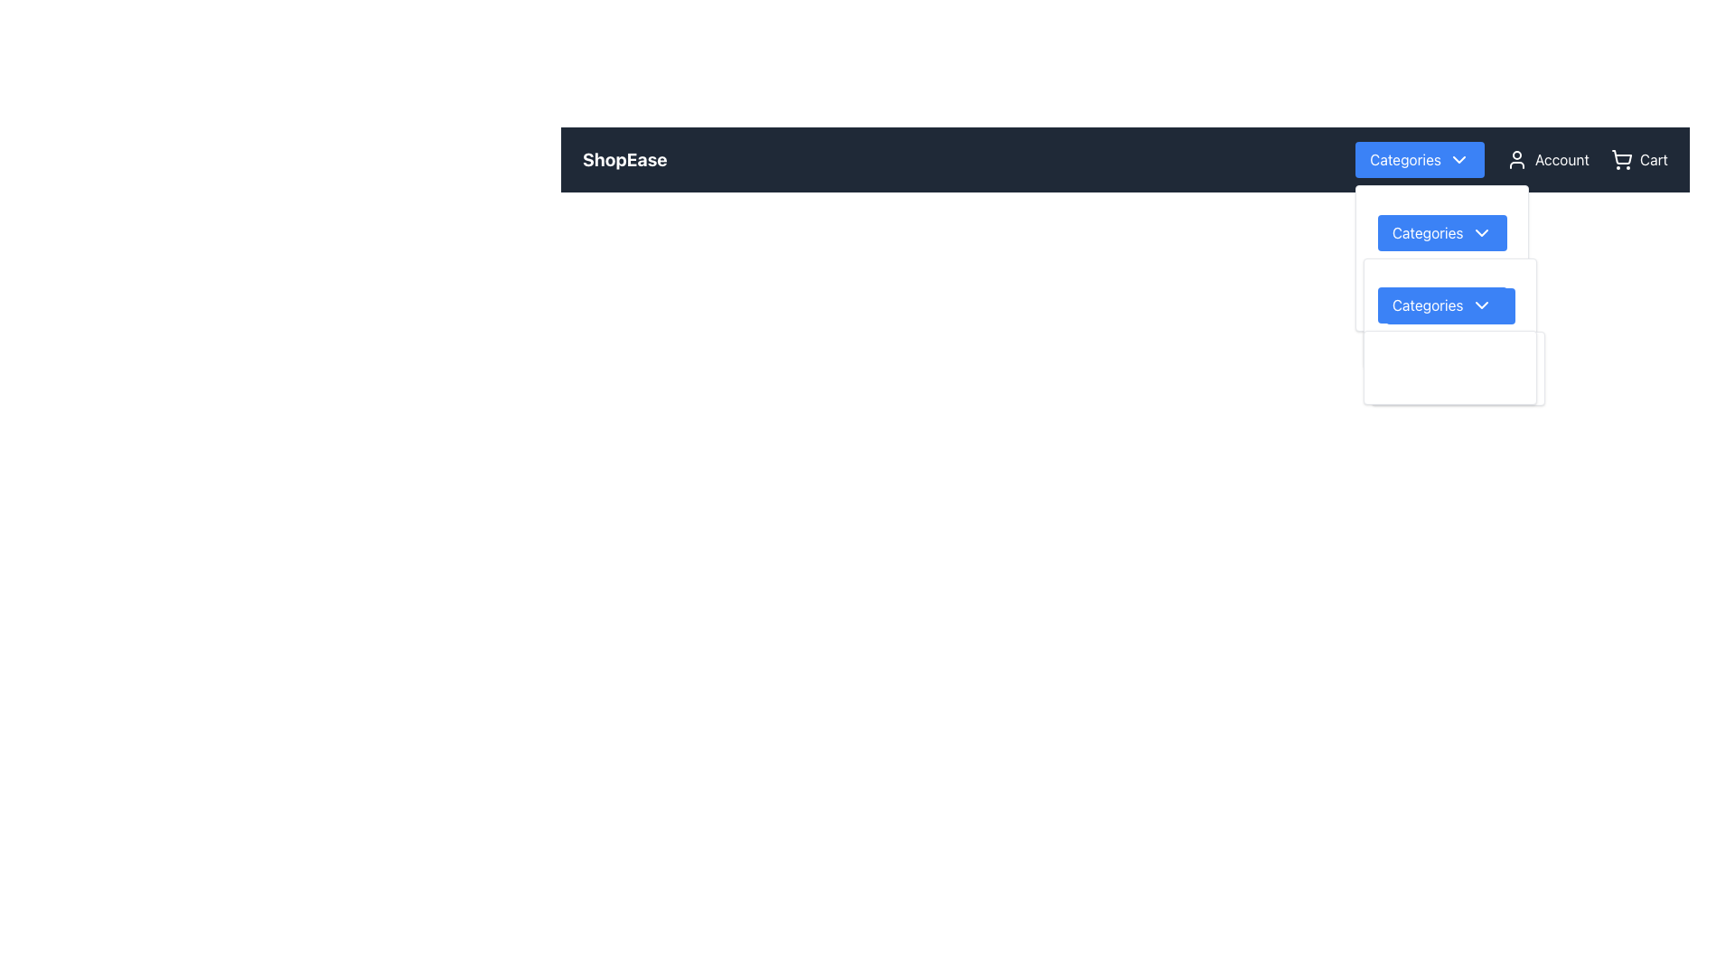 This screenshot has height=976, width=1735. Describe the element at coordinates (1404, 159) in the screenshot. I see `styling of the 'Categories' text label located on the top navigation bar next to the downward arrow icon` at that location.